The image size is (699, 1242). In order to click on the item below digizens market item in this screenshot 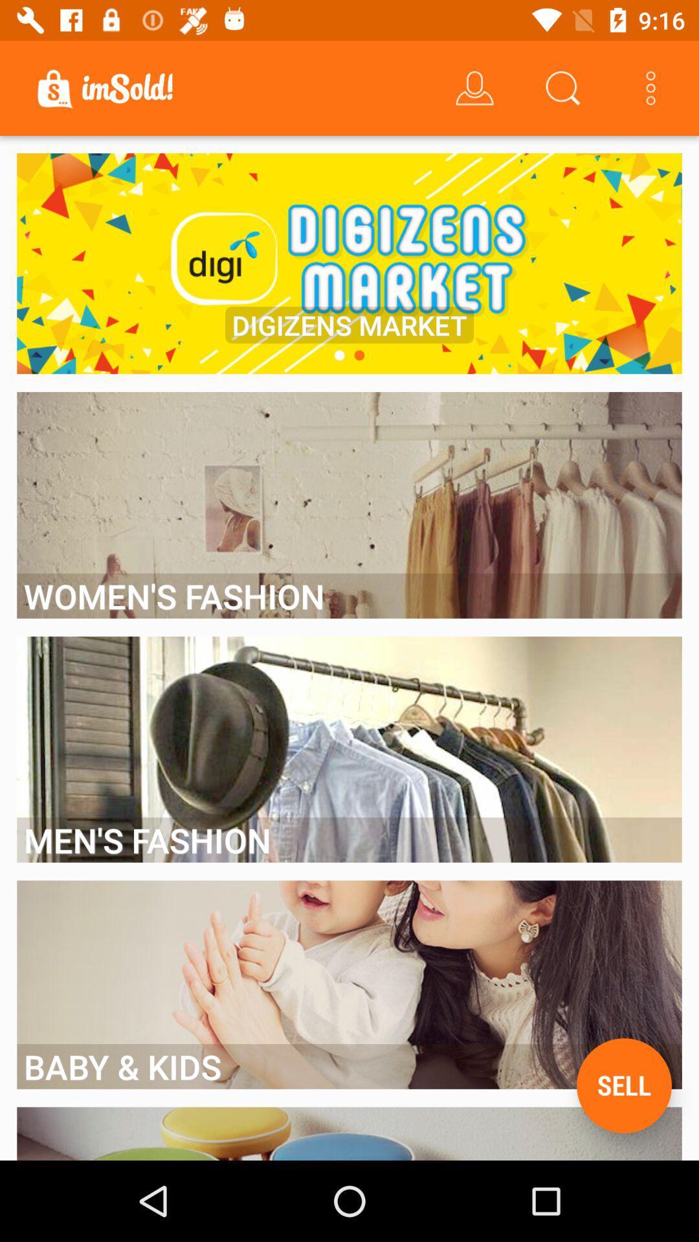, I will do `click(338, 355)`.